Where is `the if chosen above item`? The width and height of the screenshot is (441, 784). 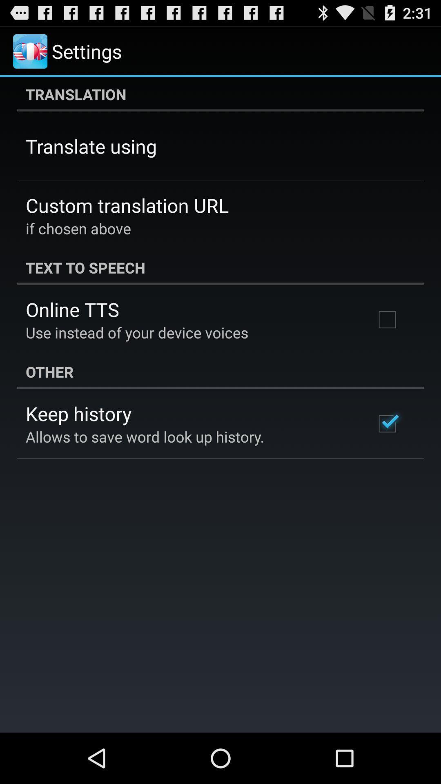 the if chosen above item is located at coordinates (78, 228).